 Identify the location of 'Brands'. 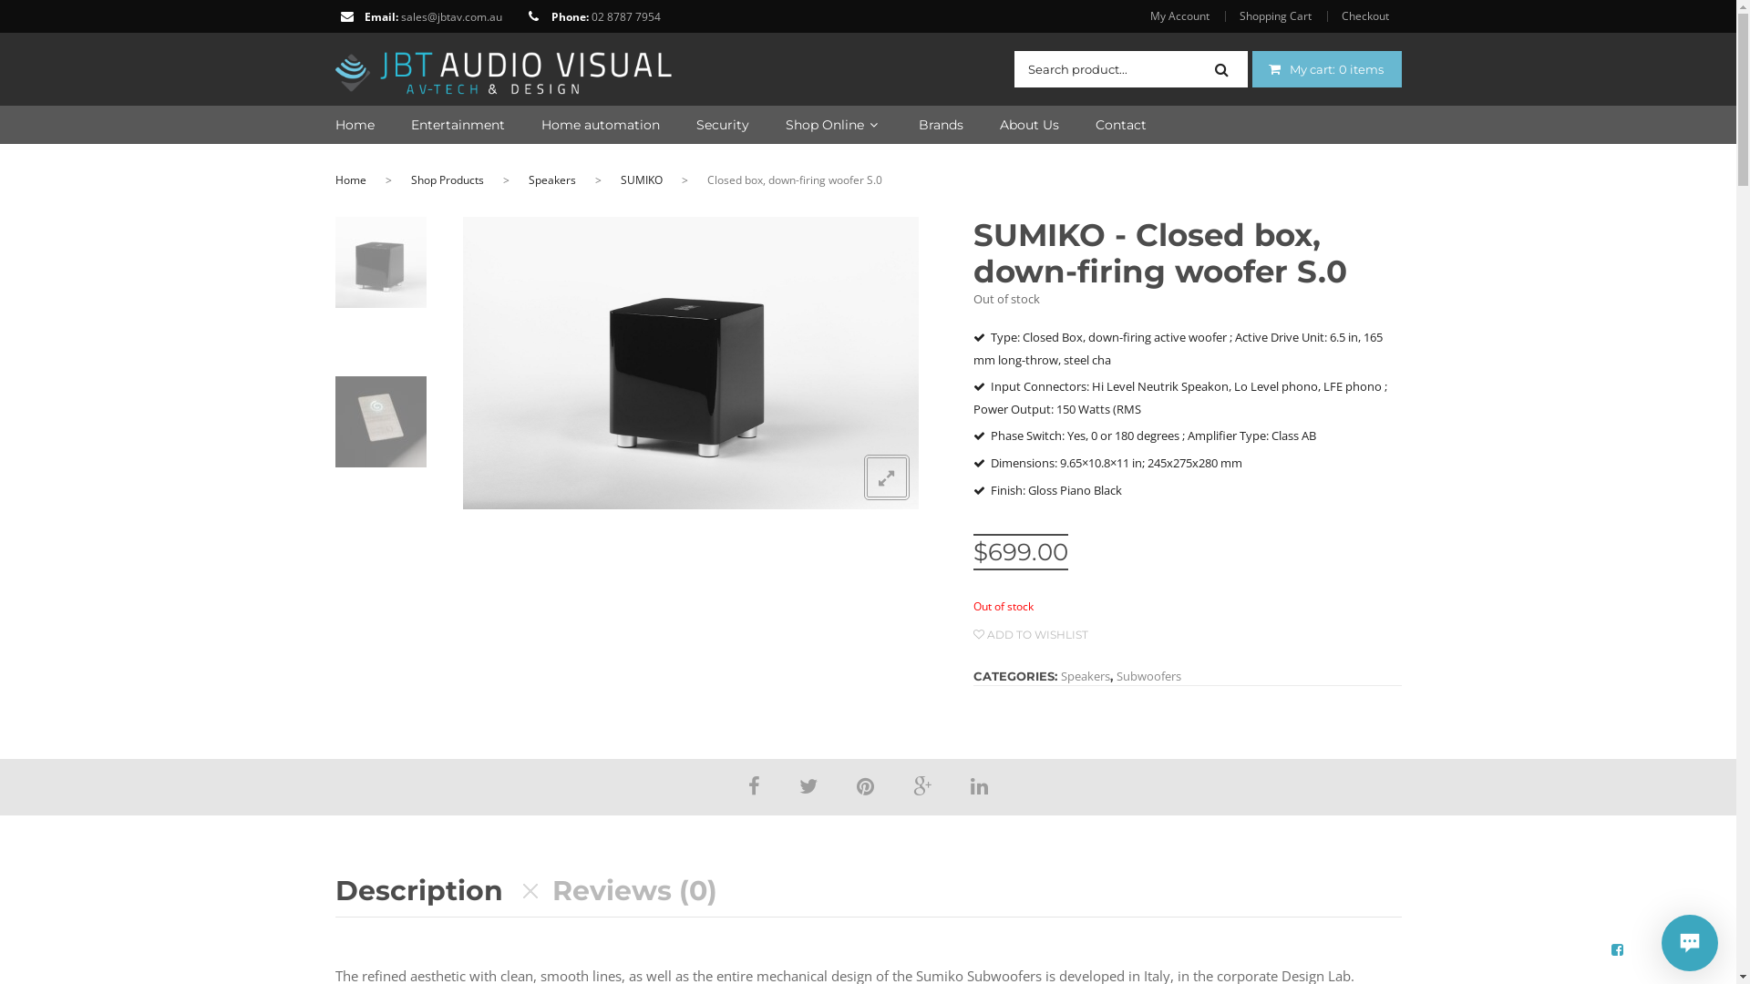
(922, 124).